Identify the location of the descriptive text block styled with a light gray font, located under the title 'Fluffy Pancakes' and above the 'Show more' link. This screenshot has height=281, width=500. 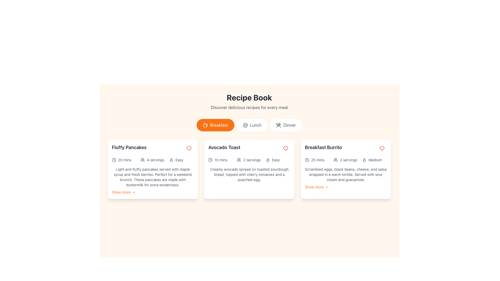
(152, 180).